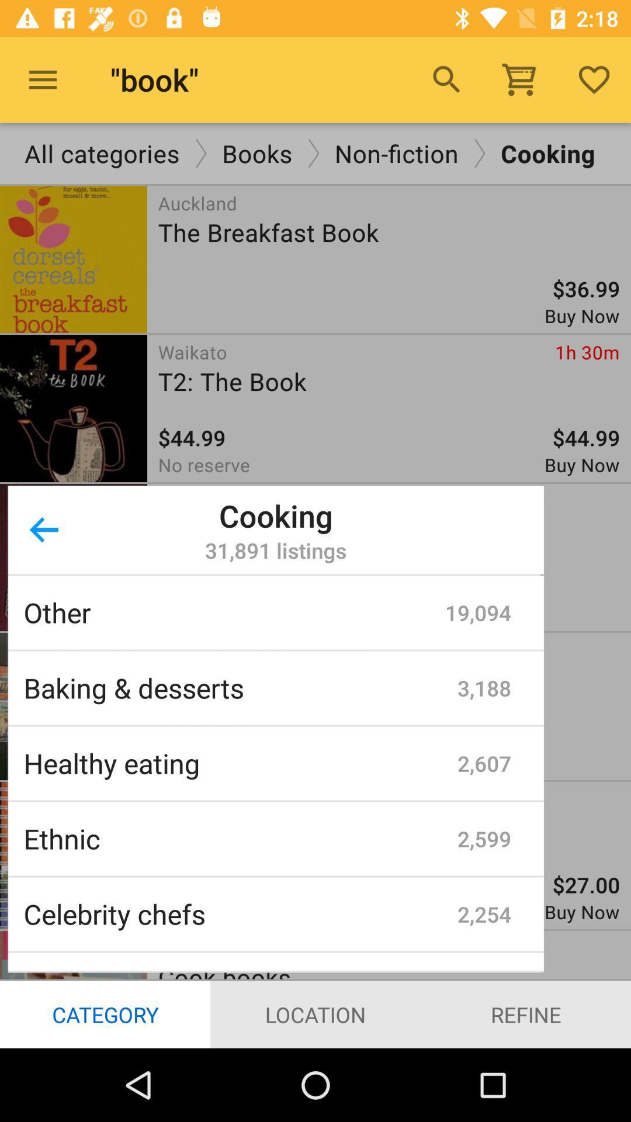 The image size is (631, 1122). I want to click on the celebrity chefs, so click(240, 913).